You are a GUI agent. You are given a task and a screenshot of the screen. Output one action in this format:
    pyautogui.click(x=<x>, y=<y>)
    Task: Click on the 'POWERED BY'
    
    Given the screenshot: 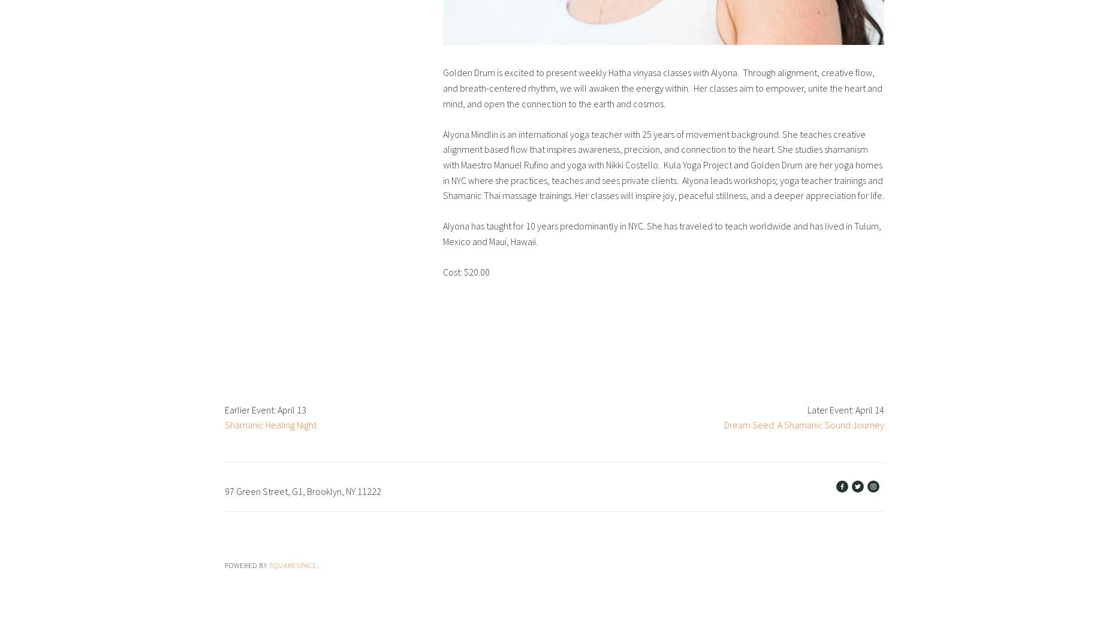 What is the action you would take?
    pyautogui.click(x=224, y=564)
    